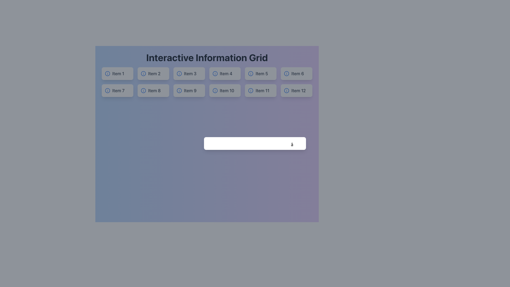 Image resolution: width=510 pixels, height=287 pixels. I want to click on the small blue circular icon with an 'i' in the center located in the second row and second column of the 'Interactive Information Grid', part of the 'Item 8' button structure, so click(143, 90).